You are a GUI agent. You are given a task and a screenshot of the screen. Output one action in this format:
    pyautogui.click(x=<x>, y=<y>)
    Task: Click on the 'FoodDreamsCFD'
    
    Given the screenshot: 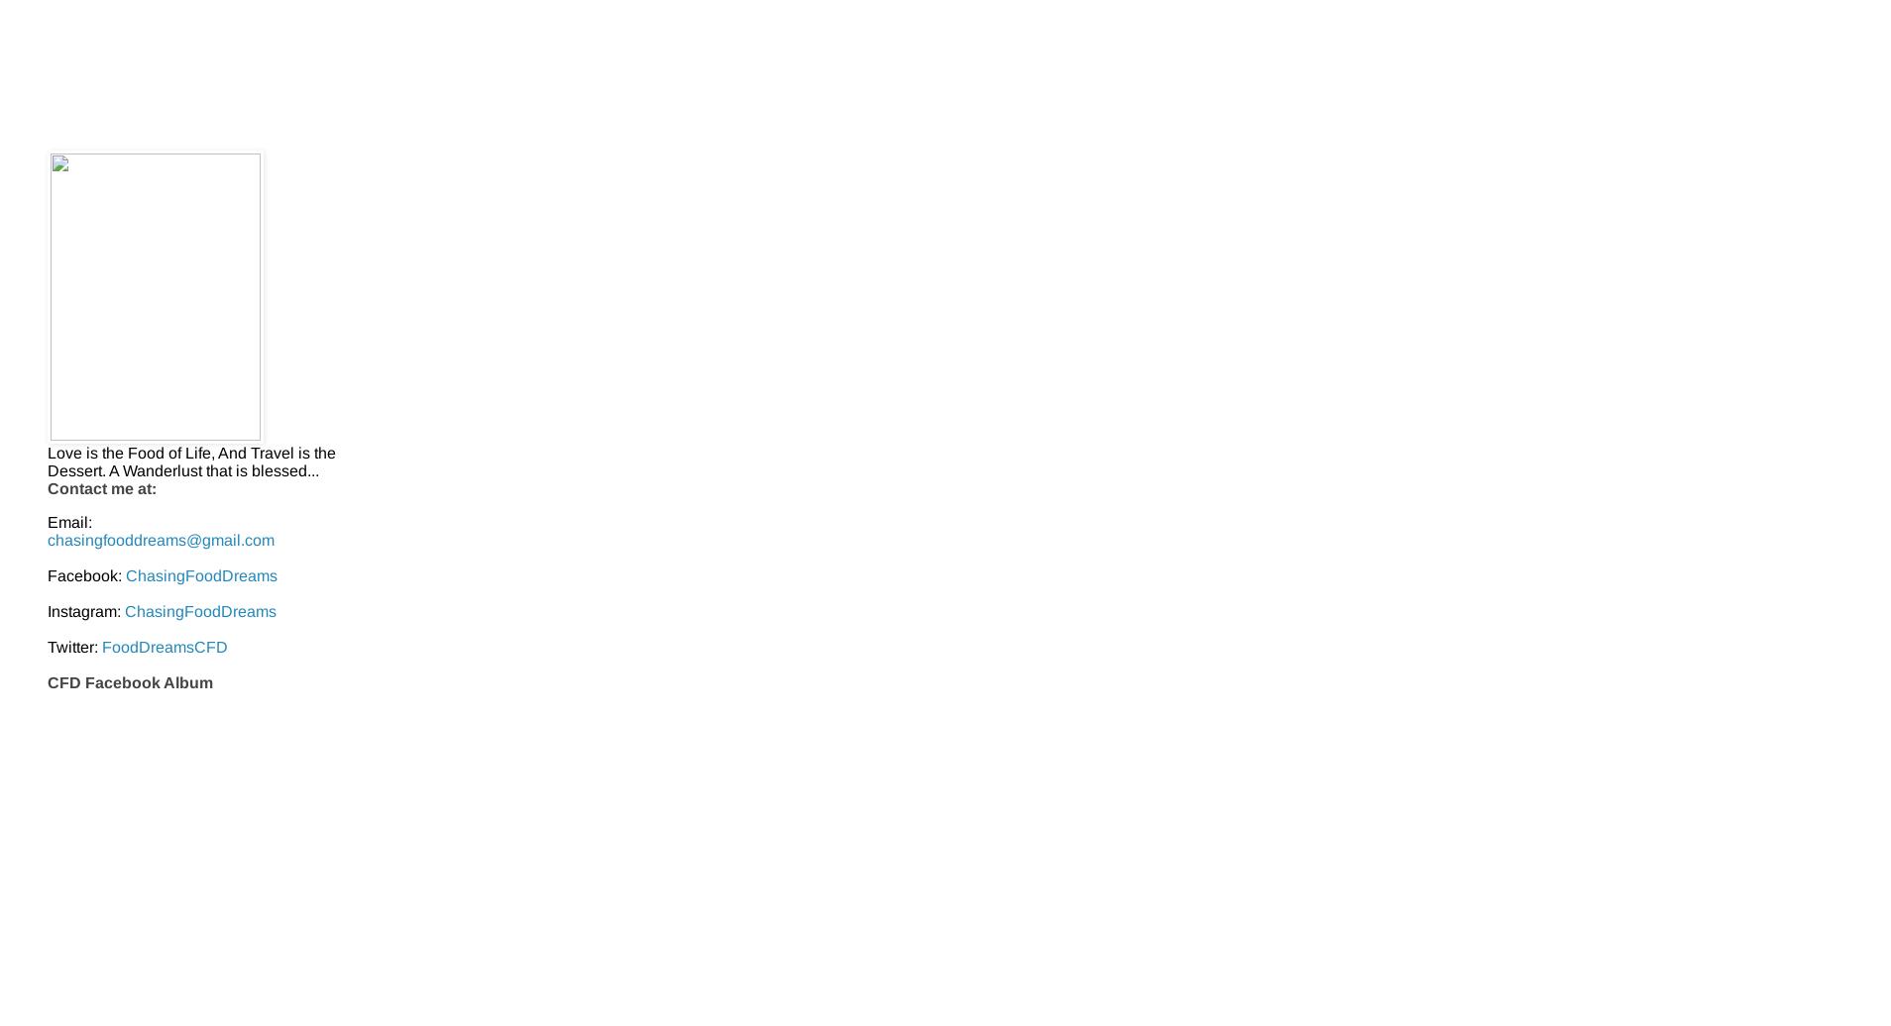 What is the action you would take?
    pyautogui.click(x=162, y=646)
    